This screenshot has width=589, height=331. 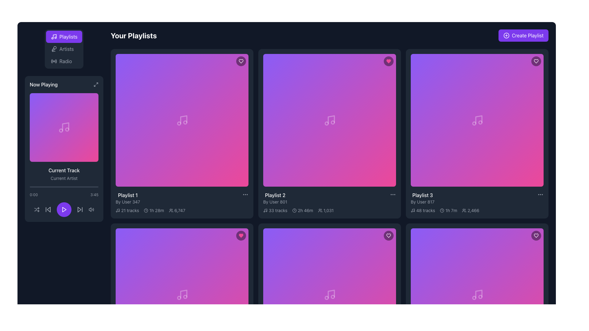 What do you see at coordinates (79, 209) in the screenshot?
I see `the triangular-shaped skip-forward button in the 'Now Playing' section to skip to the next track` at bounding box center [79, 209].